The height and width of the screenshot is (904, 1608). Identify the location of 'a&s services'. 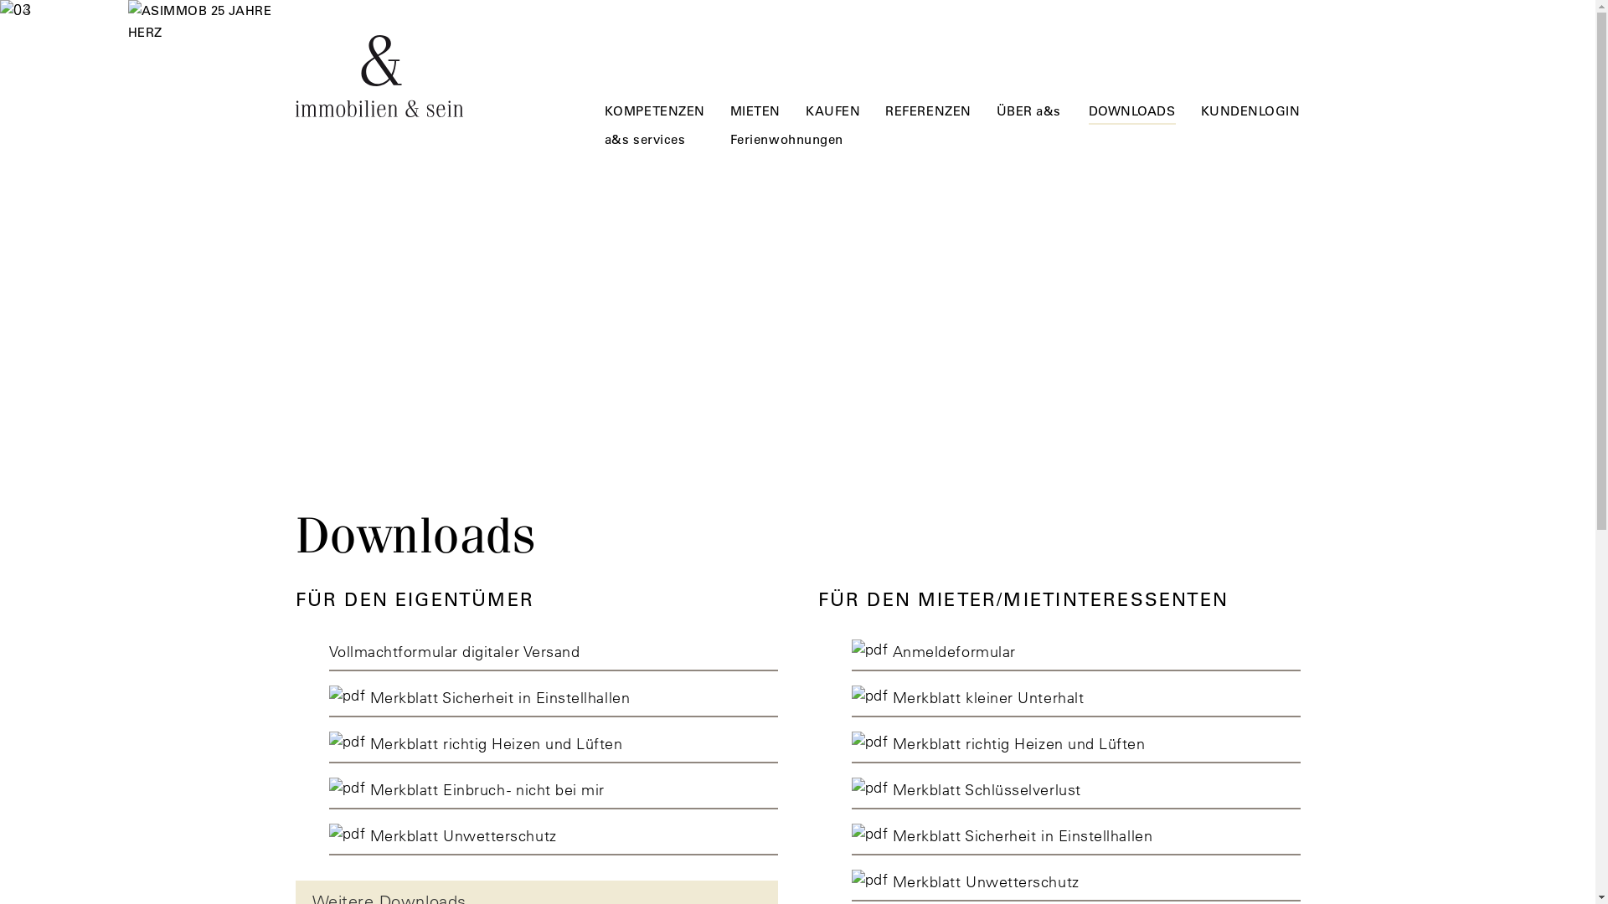
(643, 141).